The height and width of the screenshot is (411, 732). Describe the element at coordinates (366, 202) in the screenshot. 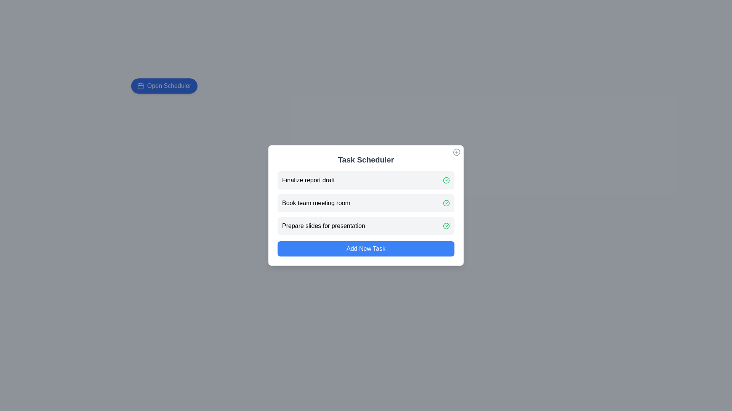

I see `the task item display box that indicates a completed task in the task scheduler, positioned centrally in the interface, below 'Finalize report draft' and above 'Prepare slides for presentation'` at that location.